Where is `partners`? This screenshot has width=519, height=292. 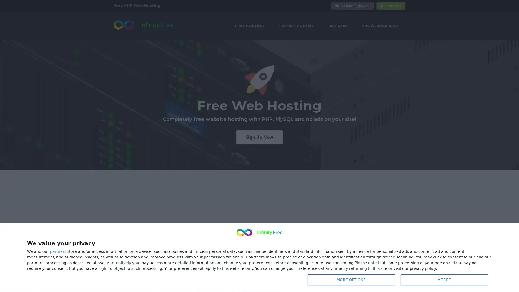 partners is located at coordinates (58, 253).